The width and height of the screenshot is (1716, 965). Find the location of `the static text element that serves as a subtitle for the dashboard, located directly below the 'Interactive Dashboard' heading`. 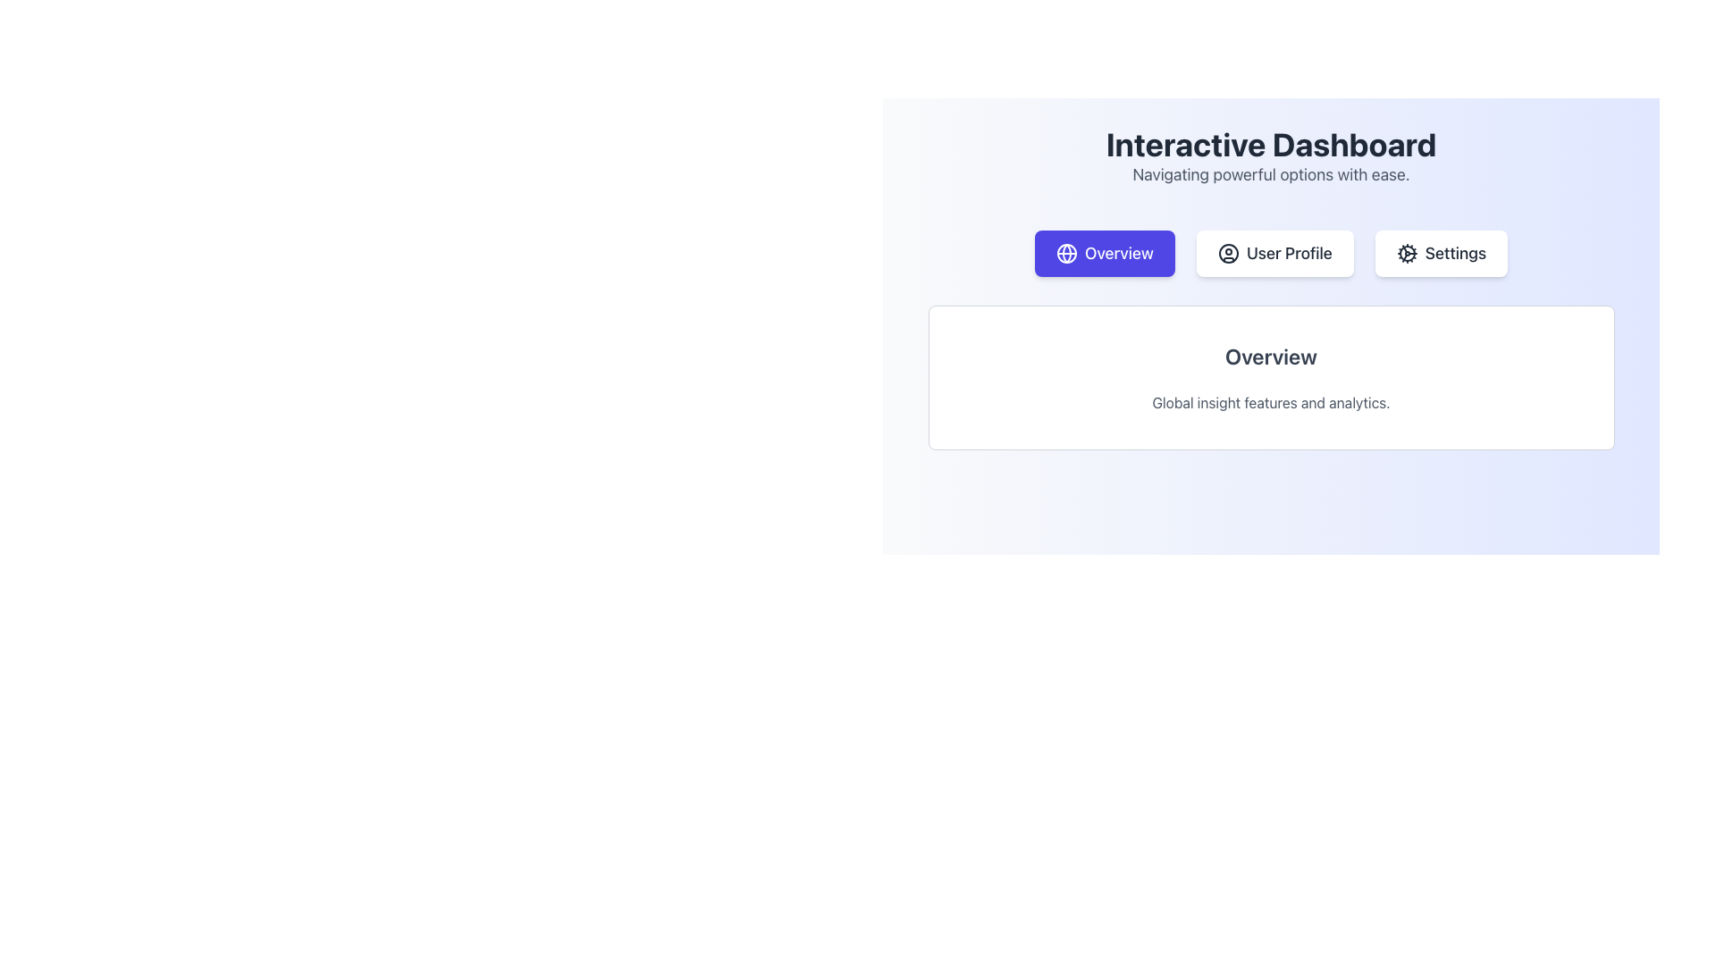

the static text element that serves as a subtitle for the dashboard, located directly below the 'Interactive Dashboard' heading is located at coordinates (1270, 175).